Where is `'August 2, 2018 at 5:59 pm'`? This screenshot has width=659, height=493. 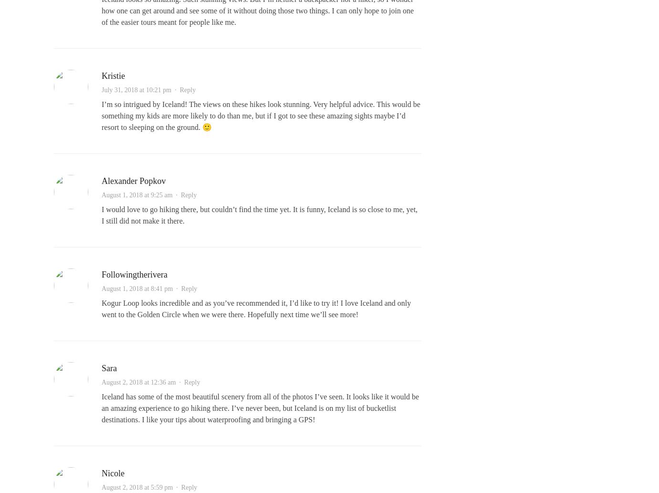
'August 2, 2018 at 5:59 pm' is located at coordinates (137, 487).